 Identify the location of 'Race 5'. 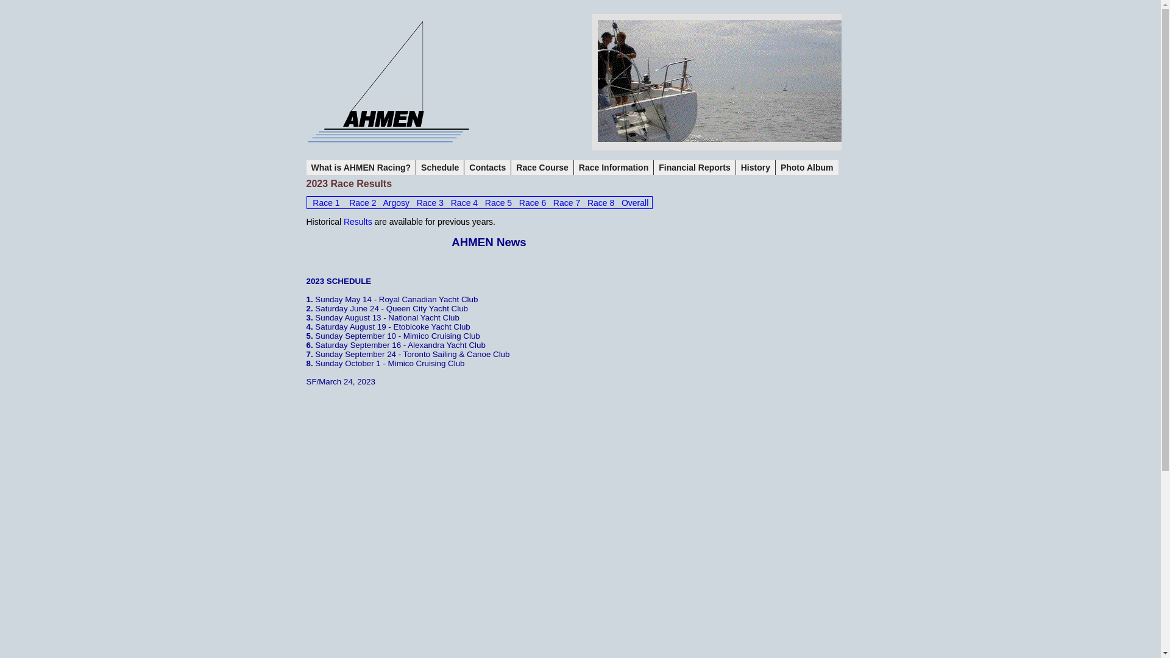
(498, 202).